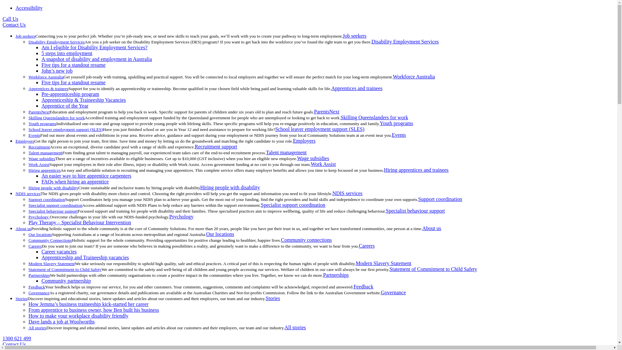 This screenshot has height=350, width=622. Describe the element at coordinates (416, 169) in the screenshot. I see `'Hiring apprentices and trainees'` at that location.